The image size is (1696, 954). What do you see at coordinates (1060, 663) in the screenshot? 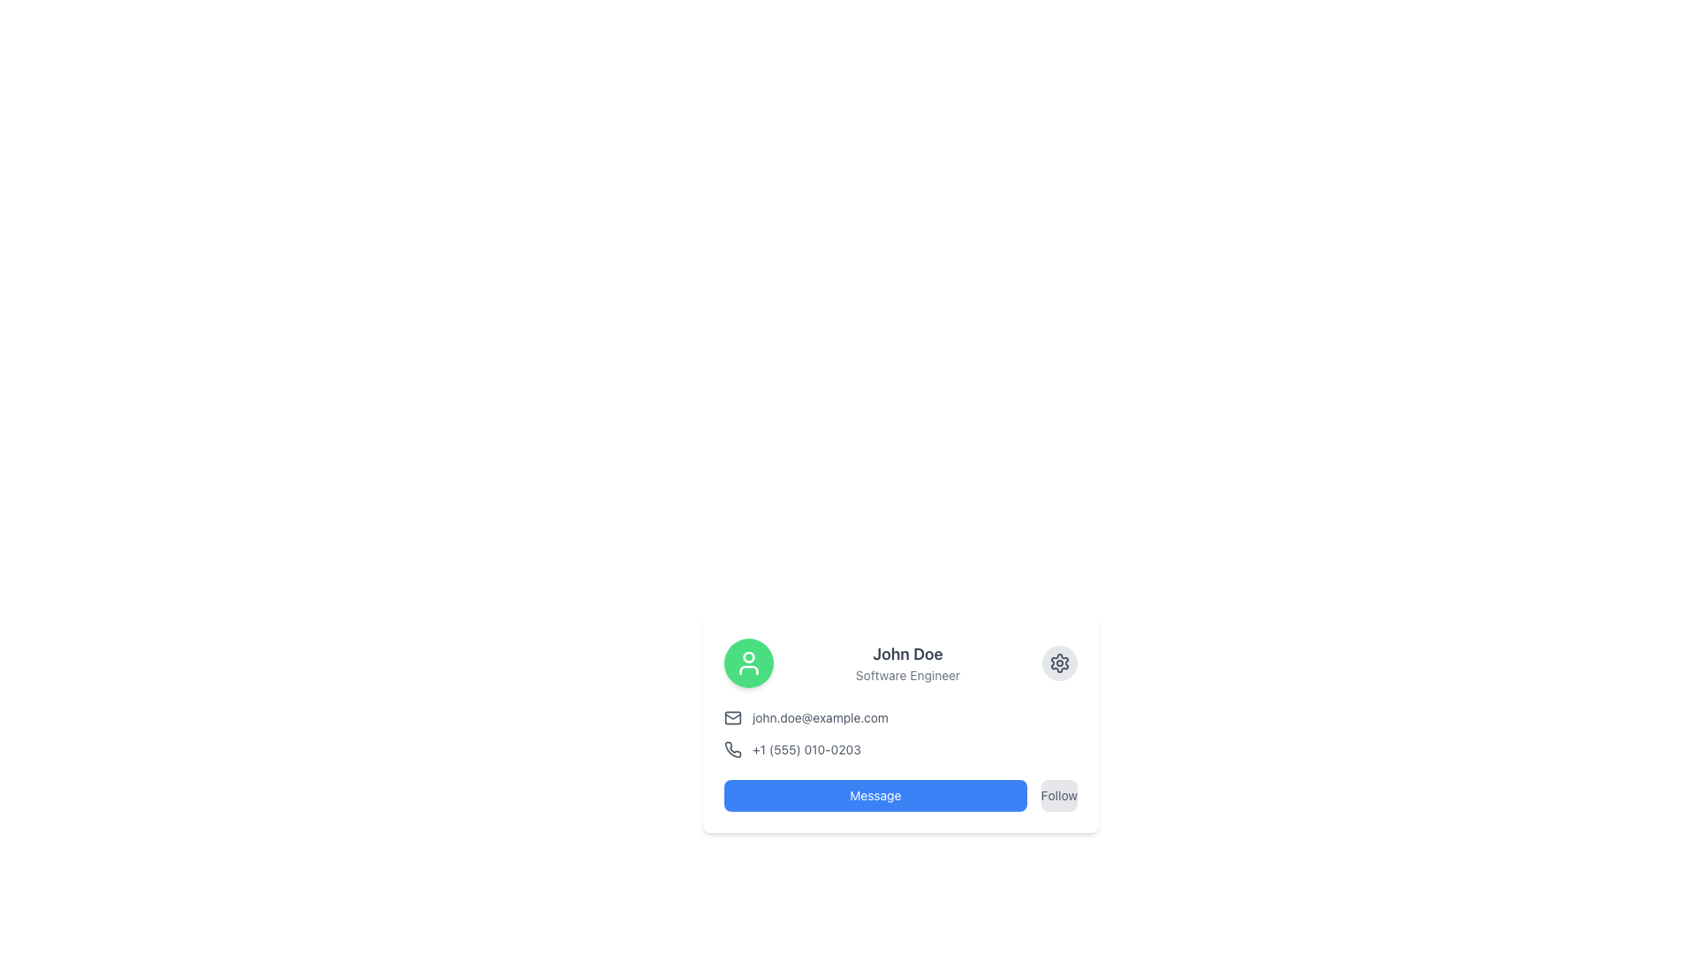
I see `the circular button with a gear icon in the top-right corner of the profile card` at bounding box center [1060, 663].